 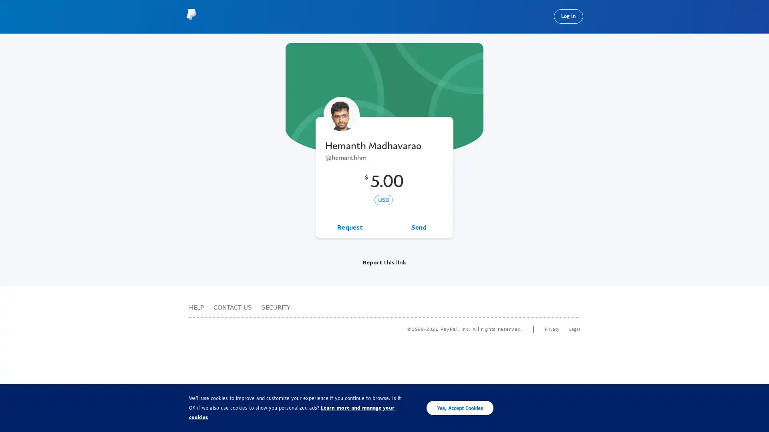 What do you see at coordinates (460, 408) in the screenshot?
I see `Yes, Accept Cookies` at bounding box center [460, 408].